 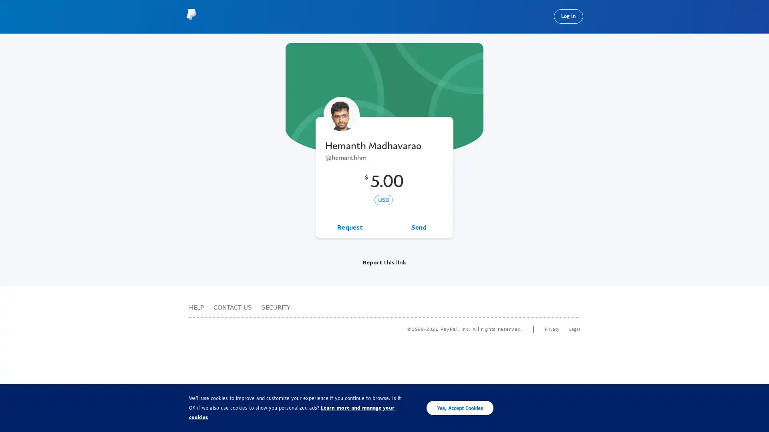 What do you see at coordinates (460, 408) in the screenshot?
I see `Yes, Accept Cookies` at bounding box center [460, 408].